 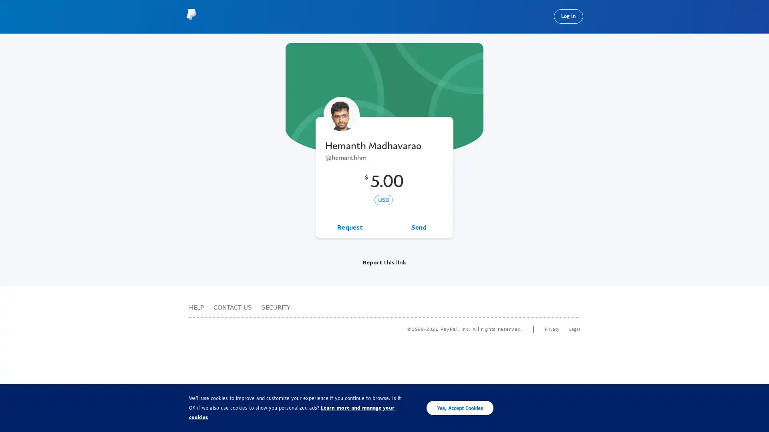 What do you see at coordinates (460, 408) in the screenshot?
I see `Yes, Accept Cookies` at bounding box center [460, 408].